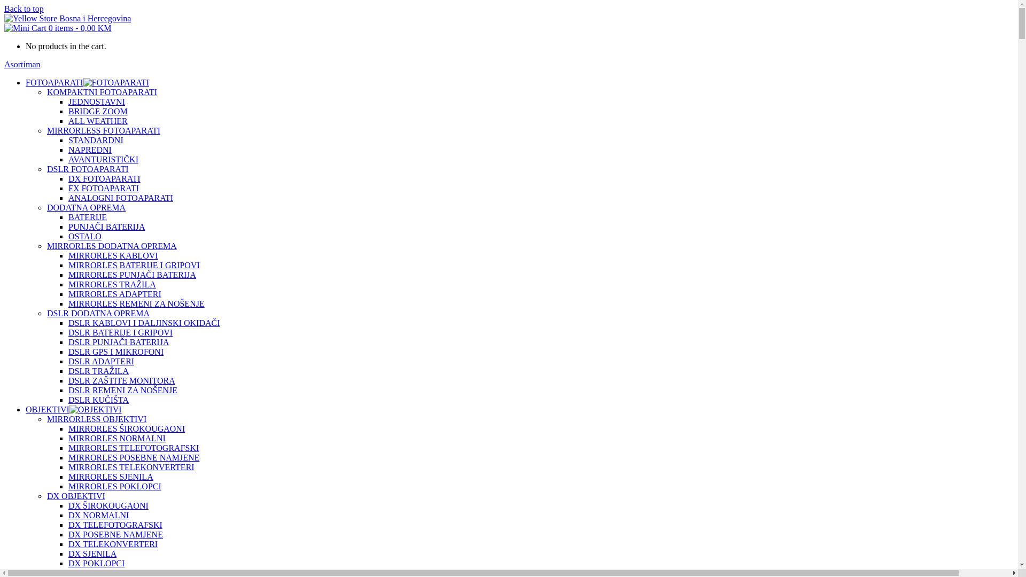 The width and height of the screenshot is (1026, 577). What do you see at coordinates (96, 139) in the screenshot?
I see `'STANDARDNI'` at bounding box center [96, 139].